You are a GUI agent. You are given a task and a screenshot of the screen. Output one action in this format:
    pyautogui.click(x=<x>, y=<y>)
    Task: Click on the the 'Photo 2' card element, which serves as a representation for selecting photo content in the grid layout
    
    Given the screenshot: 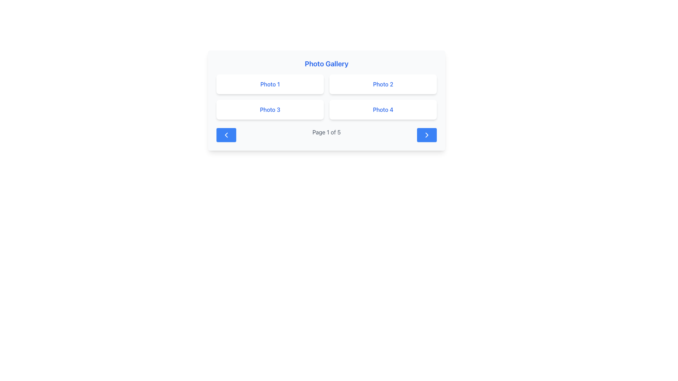 What is the action you would take?
    pyautogui.click(x=382, y=84)
    